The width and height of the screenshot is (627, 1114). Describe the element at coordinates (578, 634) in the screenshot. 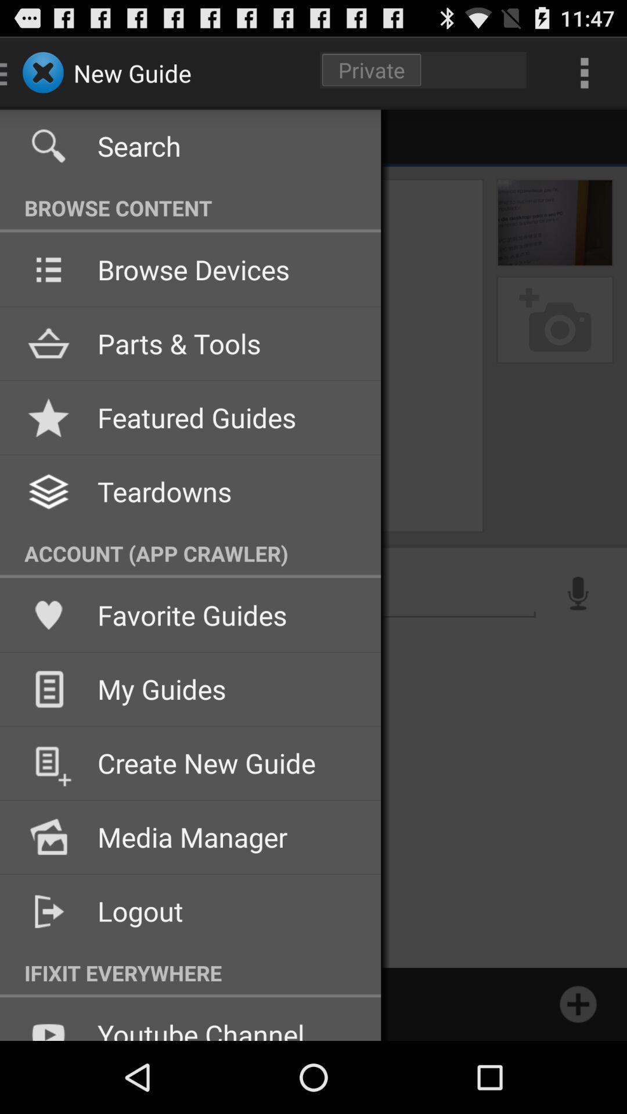

I see `the microphone icon` at that location.